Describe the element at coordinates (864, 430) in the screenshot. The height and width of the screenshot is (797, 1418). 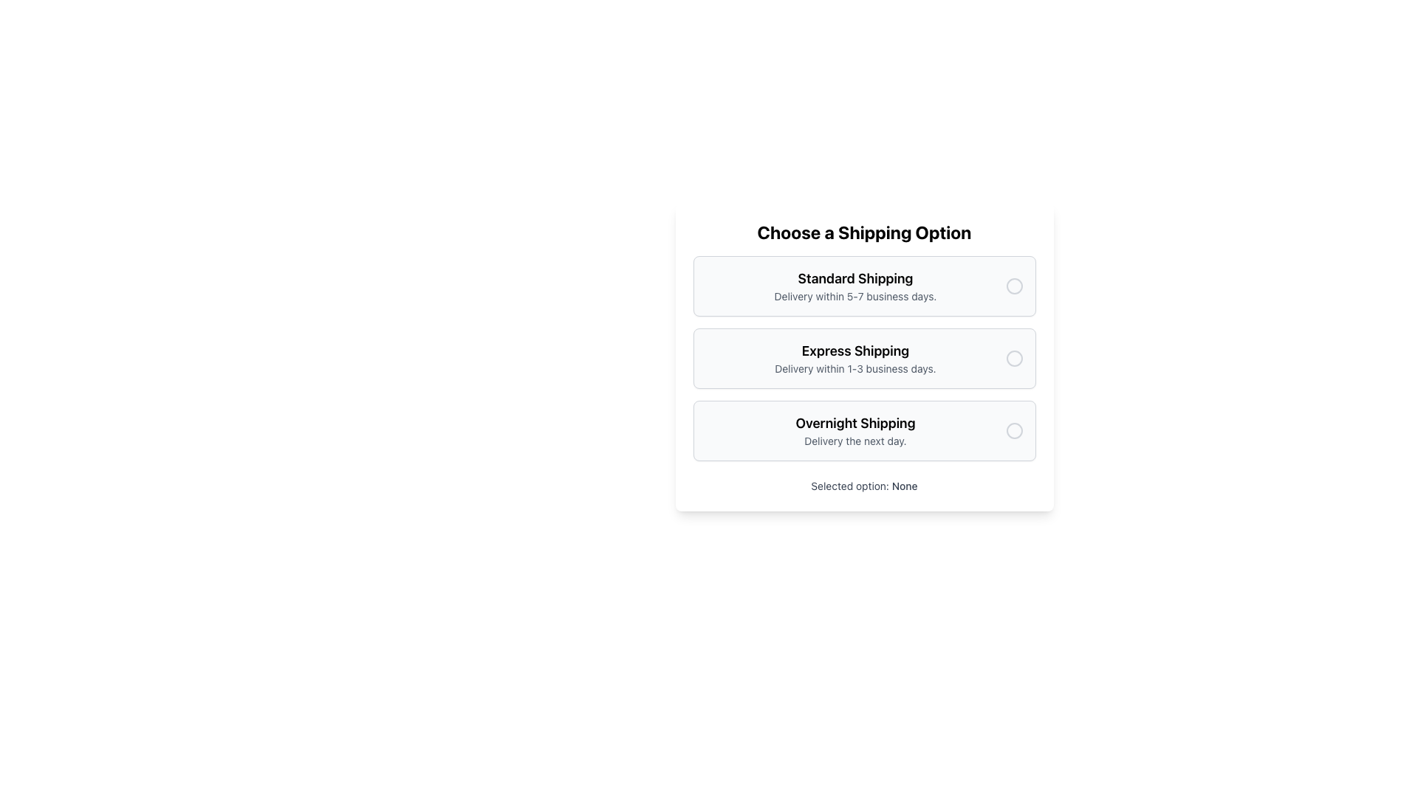
I see `the 'Overnight Shipping' button` at that location.